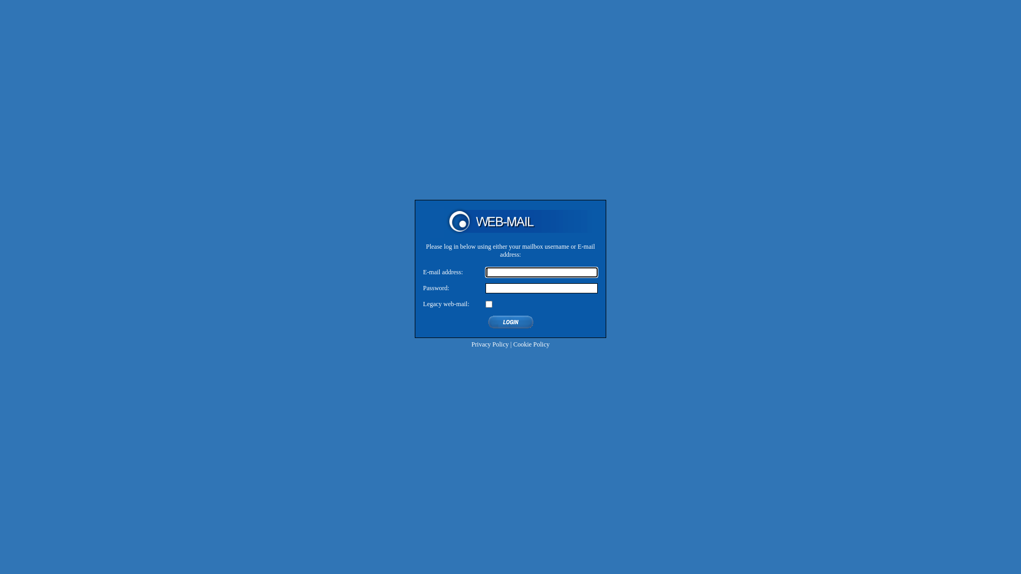 The width and height of the screenshot is (1021, 574). Describe the element at coordinates (489, 343) in the screenshot. I see `'Privacy Policy'` at that location.